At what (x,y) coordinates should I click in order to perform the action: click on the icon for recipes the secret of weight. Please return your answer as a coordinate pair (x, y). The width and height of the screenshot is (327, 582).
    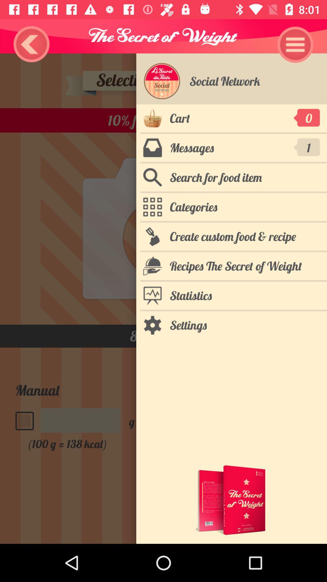
    Looking at the image, I should click on (152, 266).